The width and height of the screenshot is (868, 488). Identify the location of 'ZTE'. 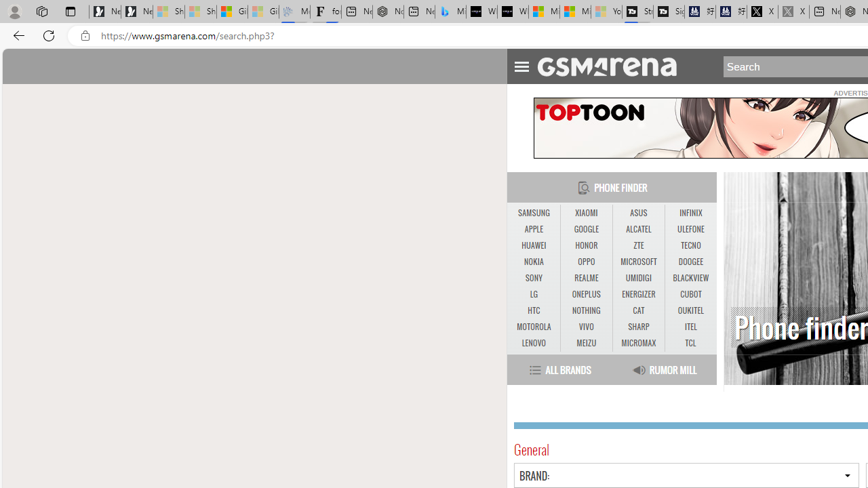
(637, 245).